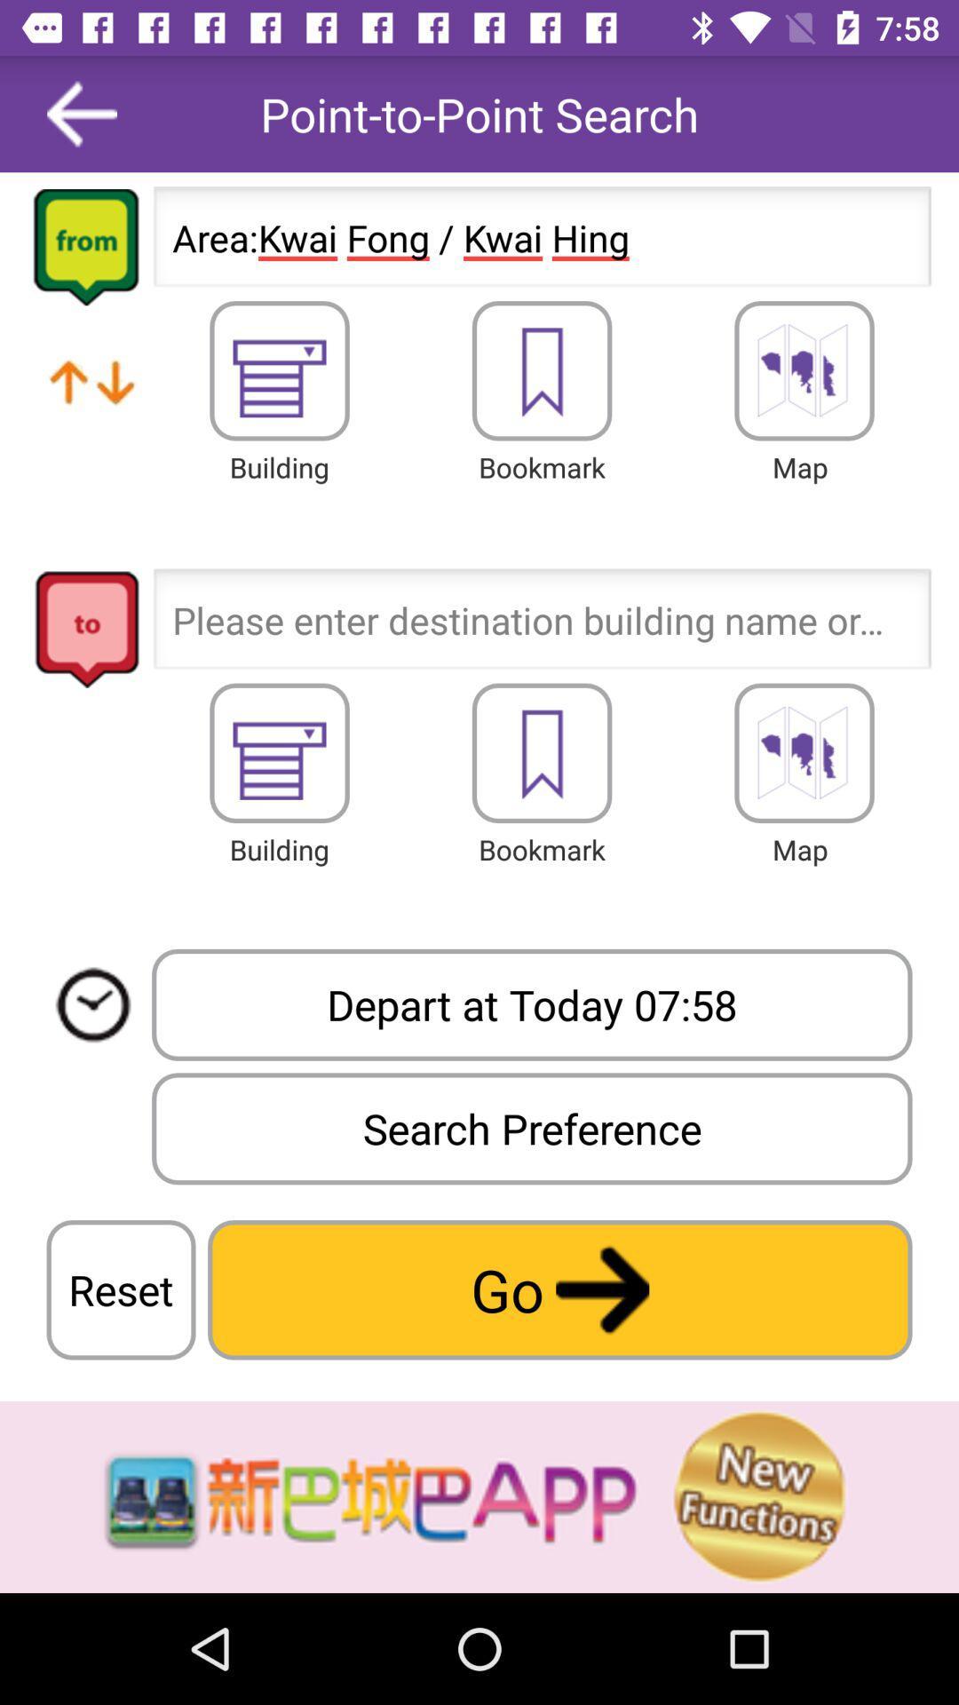 This screenshot has width=959, height=1705. Describe the element at coordinates (541, 369) in the screenshot. I see `the bookmark icon` at that location.